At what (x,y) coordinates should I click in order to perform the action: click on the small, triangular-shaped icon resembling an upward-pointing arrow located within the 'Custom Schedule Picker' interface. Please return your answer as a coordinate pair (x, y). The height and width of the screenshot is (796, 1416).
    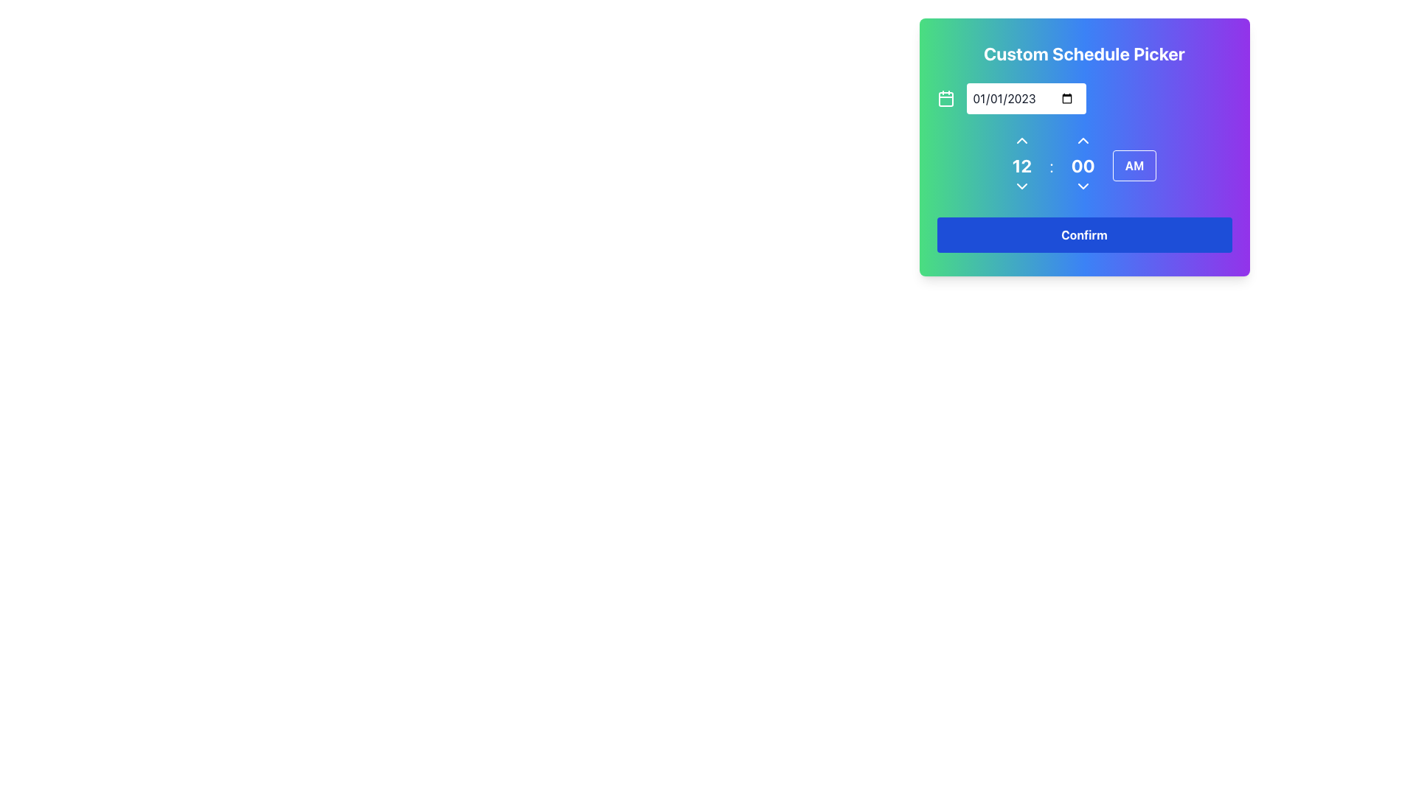
    Looking at the image, I should click on (1083, 141).